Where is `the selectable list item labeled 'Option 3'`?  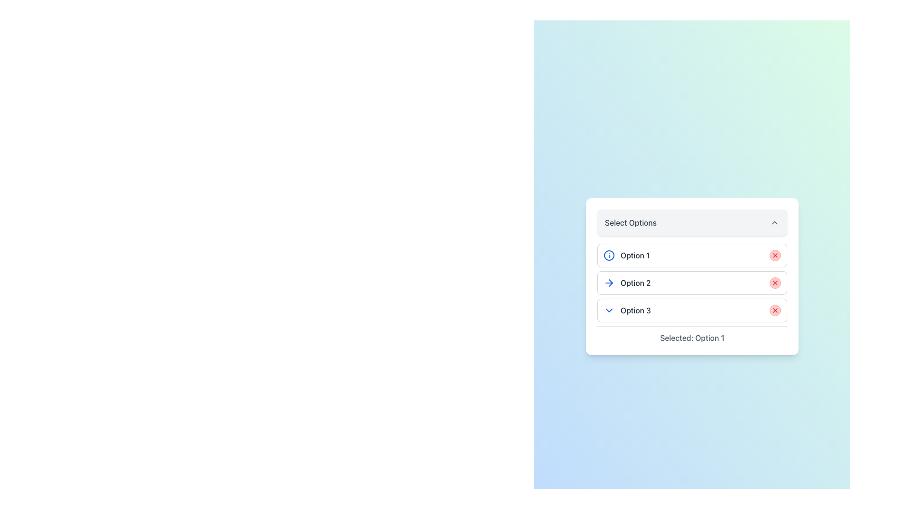 the selectable list item labeled 'Option 3' is located at coordinates (627, 310).